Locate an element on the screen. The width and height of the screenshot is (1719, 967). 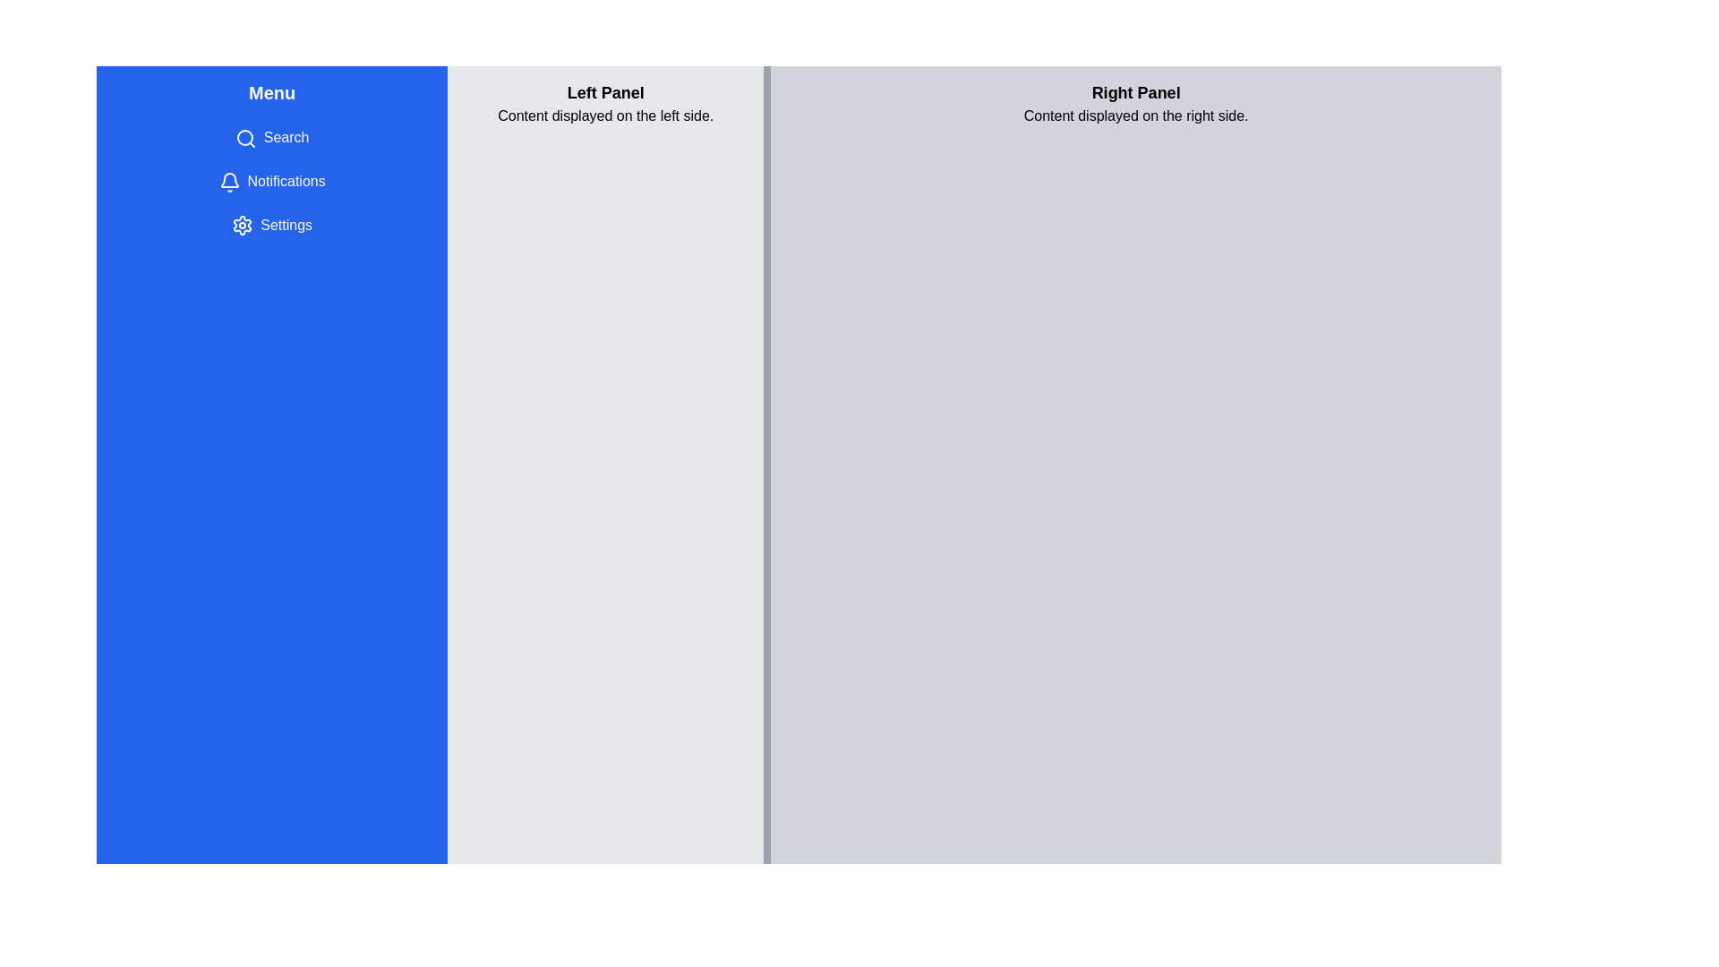
the header or label at the top of the left sidebar, which indicates the function or scope of the options below it is located at coordinates (271, 93).